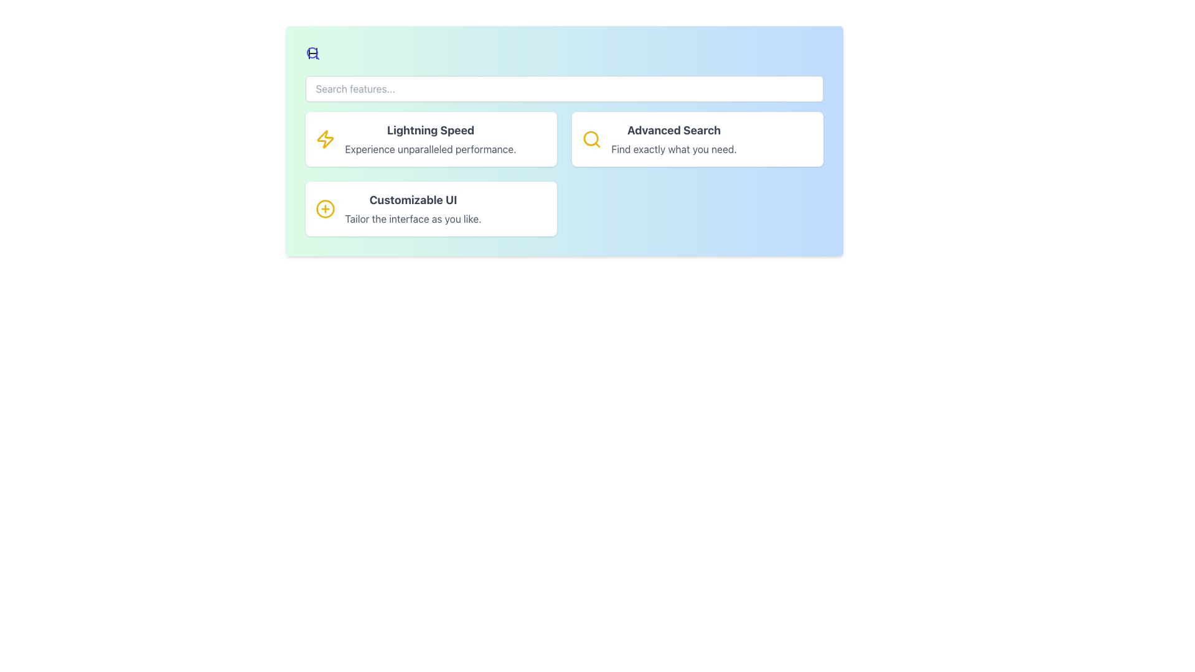 The width and height of the screenshot is (1195, 672). I want to click on the yellow-colored magnifying glass icon located next to the 'Advanced Search' text, so click(591, 139).